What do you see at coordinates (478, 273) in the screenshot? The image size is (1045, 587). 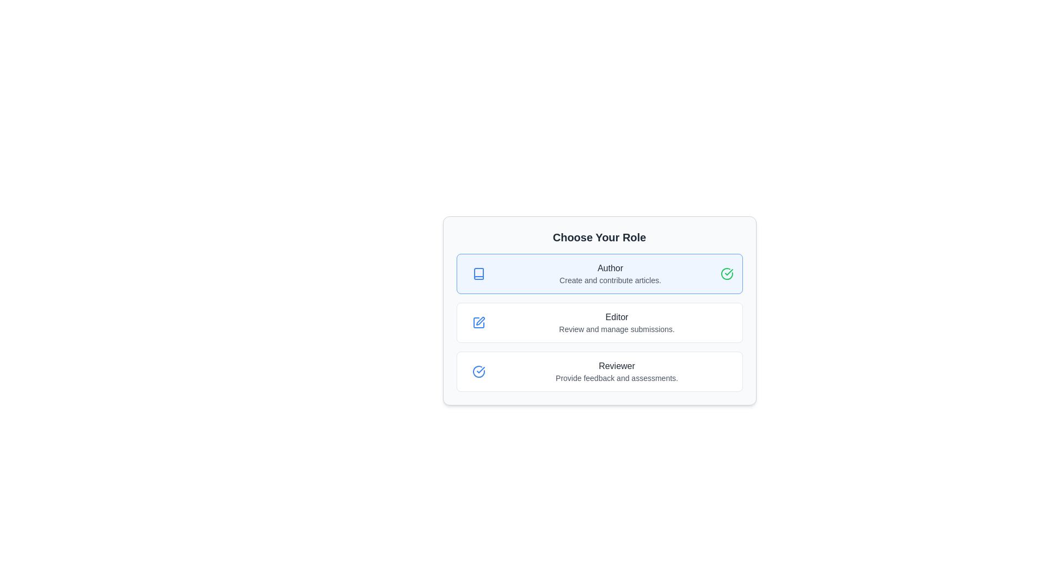 I see `the 'Author' icon in the 'Choose Your Role' selection menu` at bounding box center [478, 273].